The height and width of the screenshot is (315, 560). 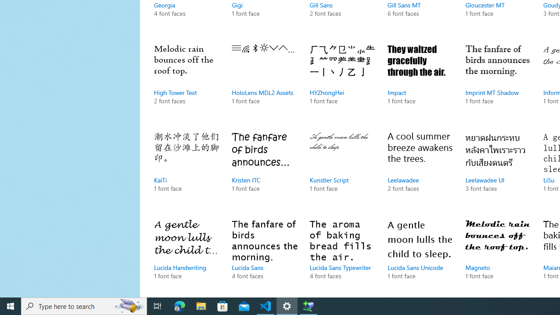 What do you see at coordinates (264, 171) in the screenshot?
I see `'Kristen ITC, 1 font face'` at bounding box center [264, 171].